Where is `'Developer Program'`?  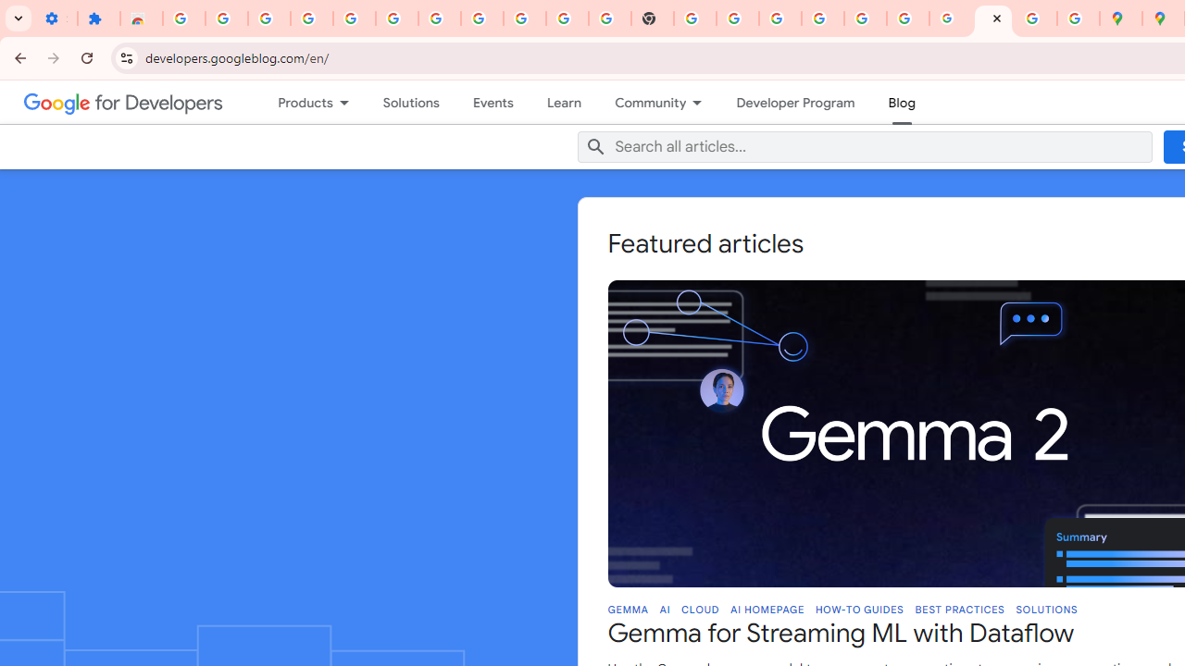
'Developer Program' is located at coordinates (795, 102).